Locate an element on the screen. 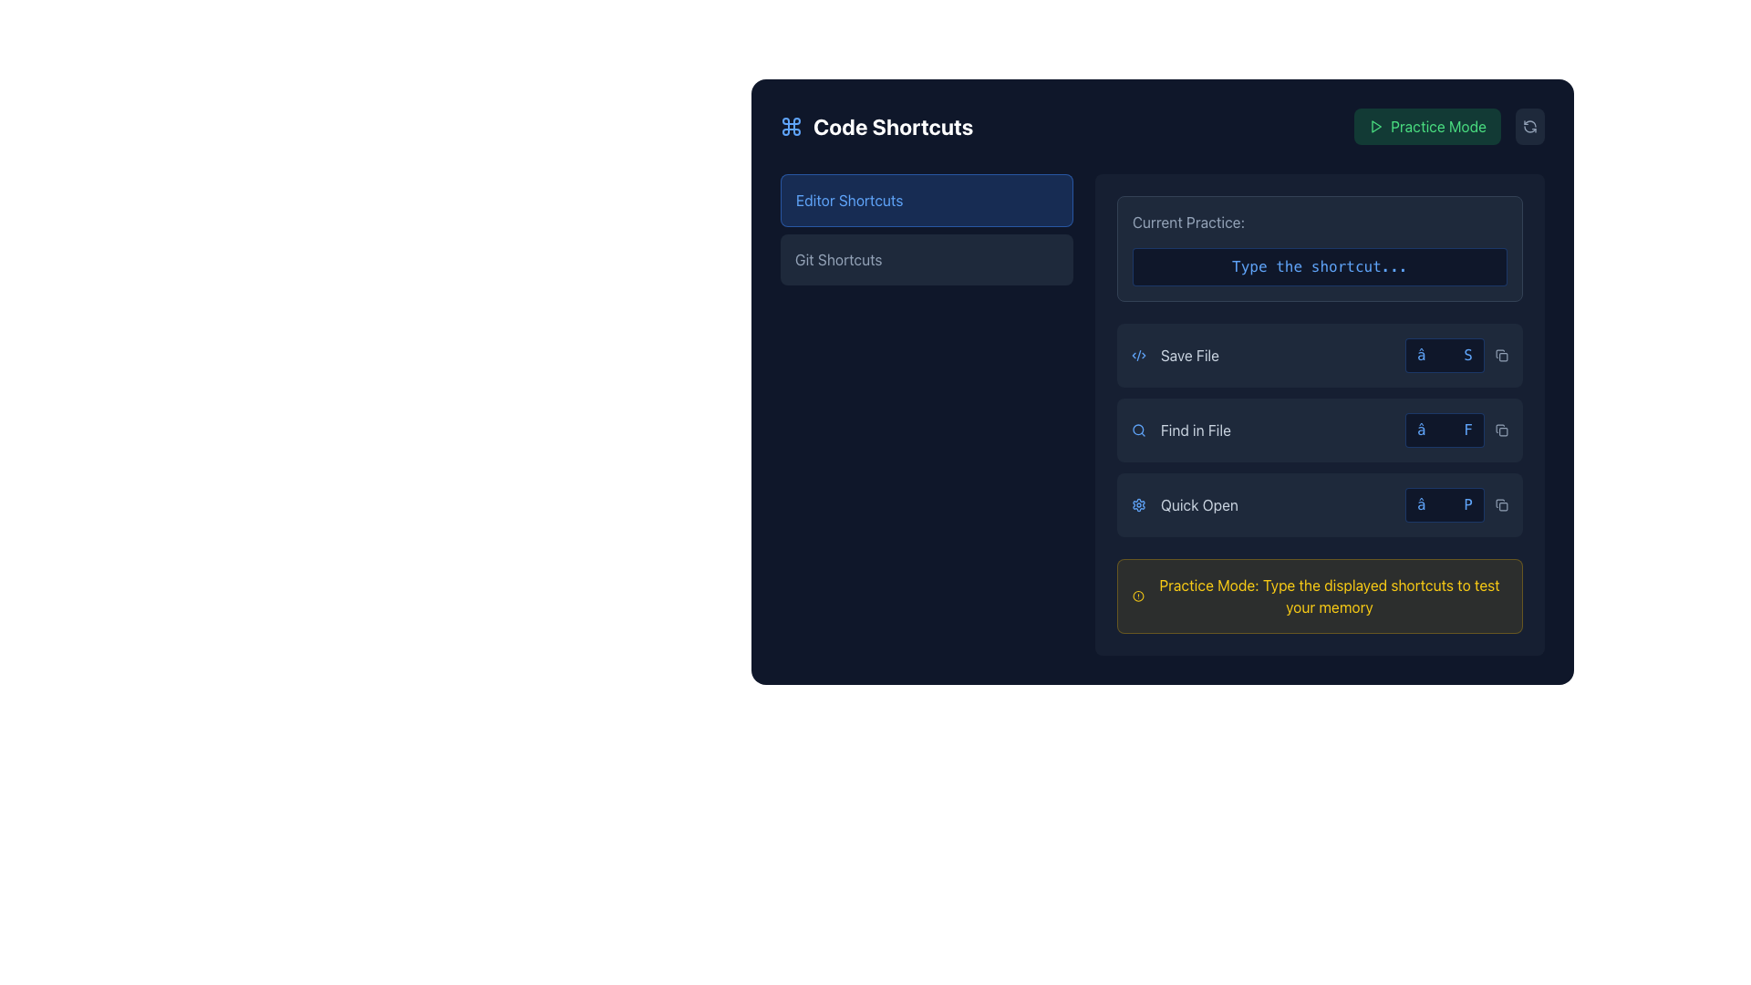 This screenshot has width=1751, height=985. the 'Practice Mode' interactive button located in the top-right section of the application interface for navigation purposes is located at coordinates (1426, 125).